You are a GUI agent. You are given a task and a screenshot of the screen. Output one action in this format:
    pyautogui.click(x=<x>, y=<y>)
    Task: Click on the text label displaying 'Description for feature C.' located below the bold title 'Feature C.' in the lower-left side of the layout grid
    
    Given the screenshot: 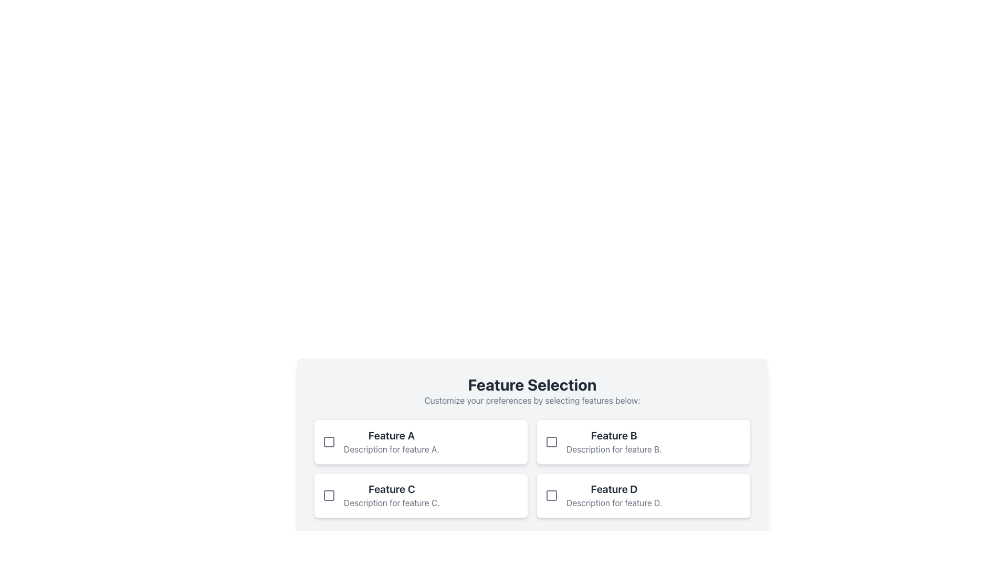 What is the action you would take?
    pyautogui.click(x=391, y=502)
    